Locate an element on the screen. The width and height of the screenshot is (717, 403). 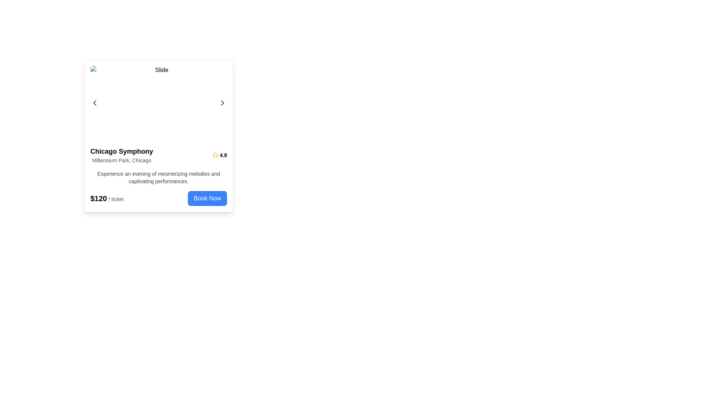
bold text element displaying 'Chicago Symphony' located at the upper part of the card component is located at coordinates (122, 151).